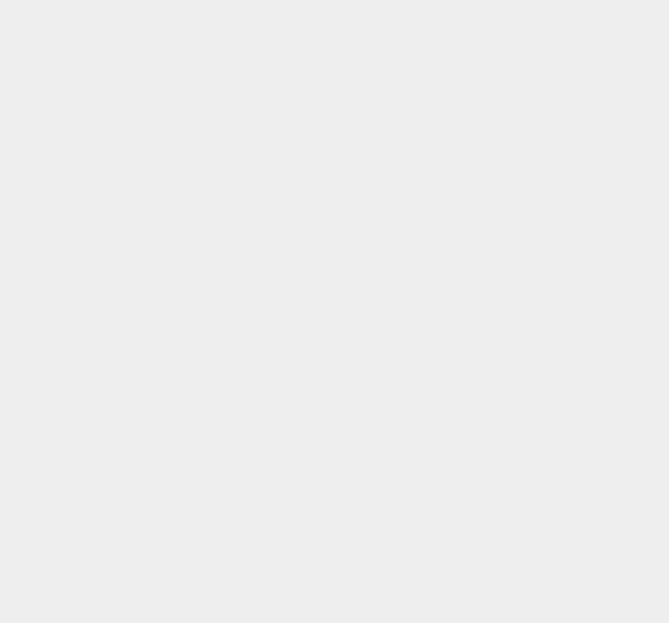 This screenshot has height=623, width=669. Describe the element at coordinates (479, 279) in the screenshot. I see `'ZTE'` at that location.